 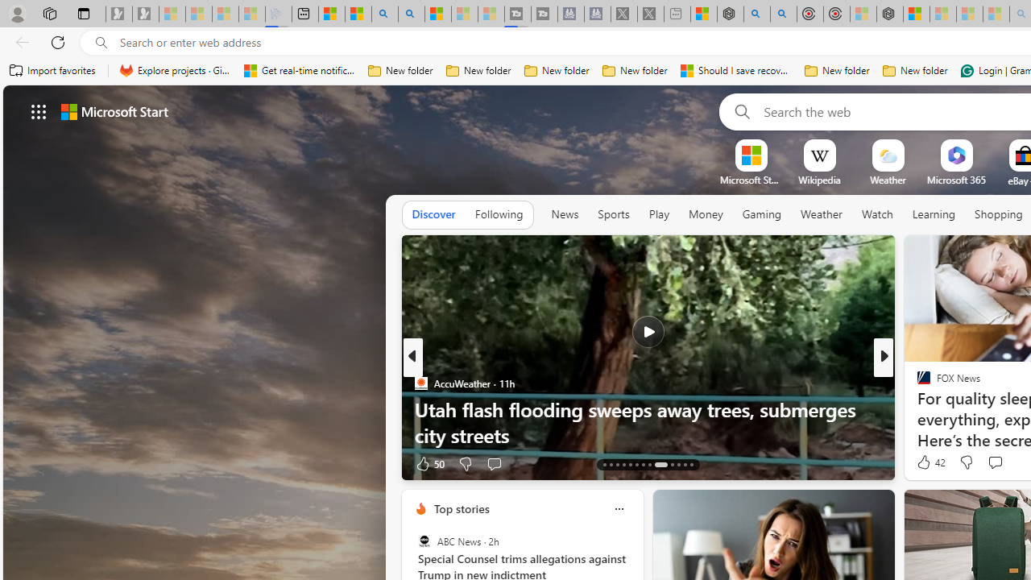 I want to click on 'AutomationID: tab-14', so click(x=610, y=465).